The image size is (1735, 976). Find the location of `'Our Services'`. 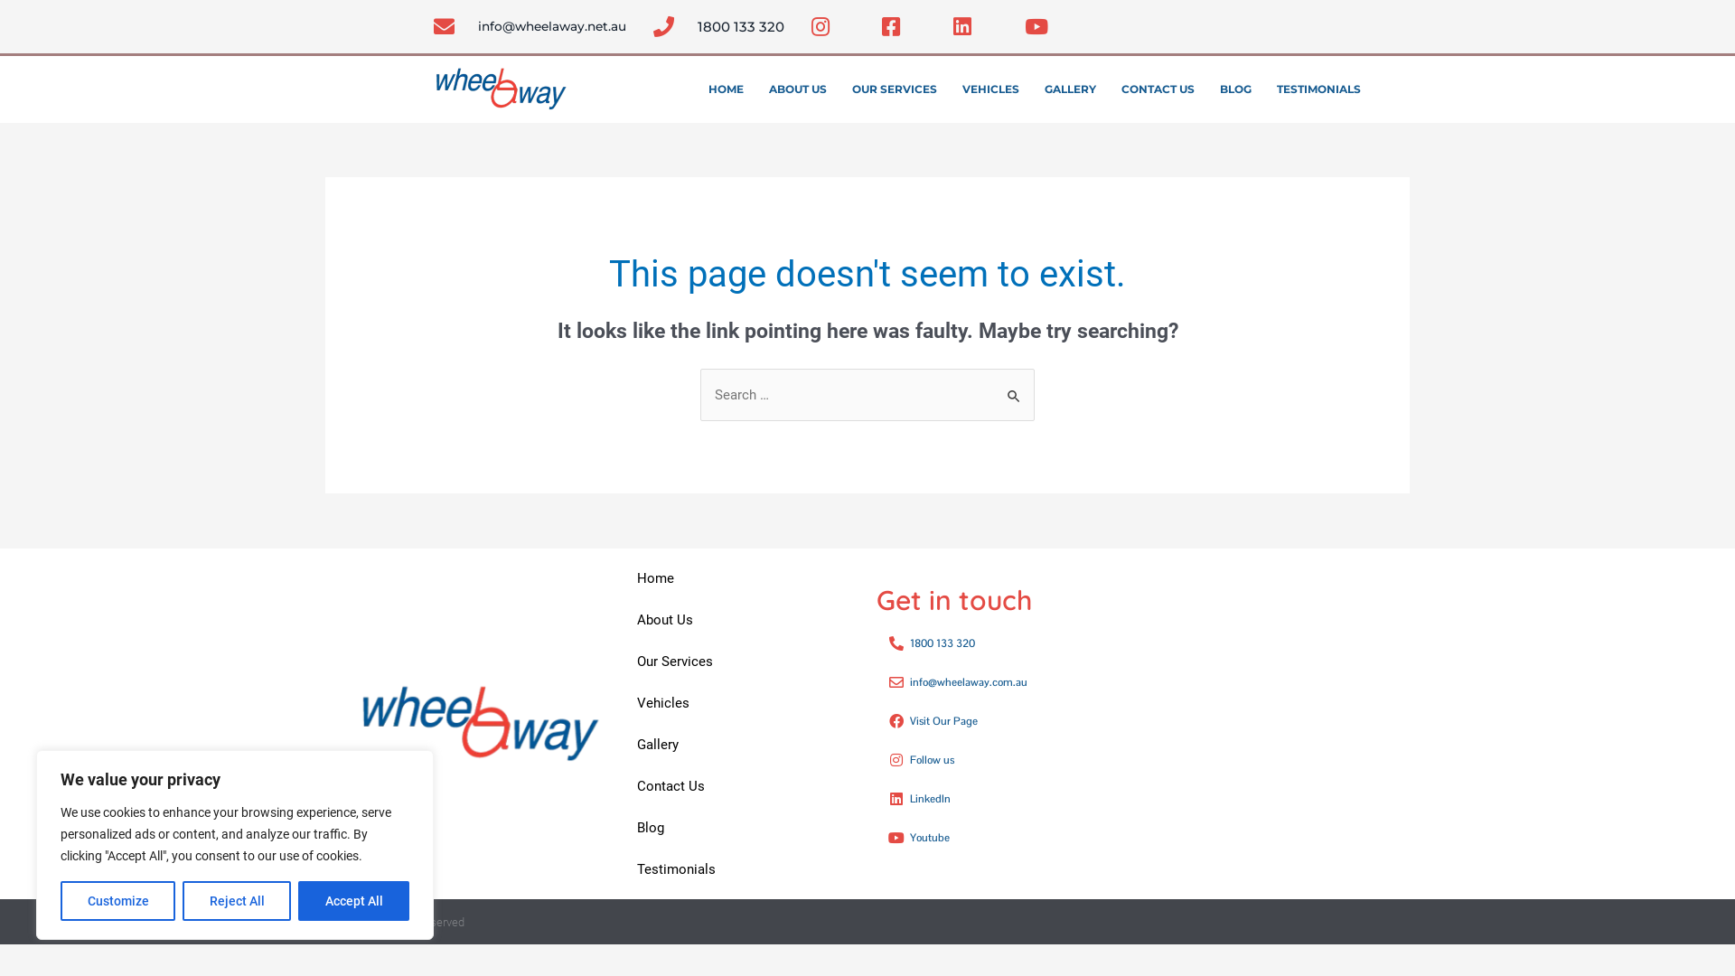

'Our Services' is located at coordinates (738, 662).